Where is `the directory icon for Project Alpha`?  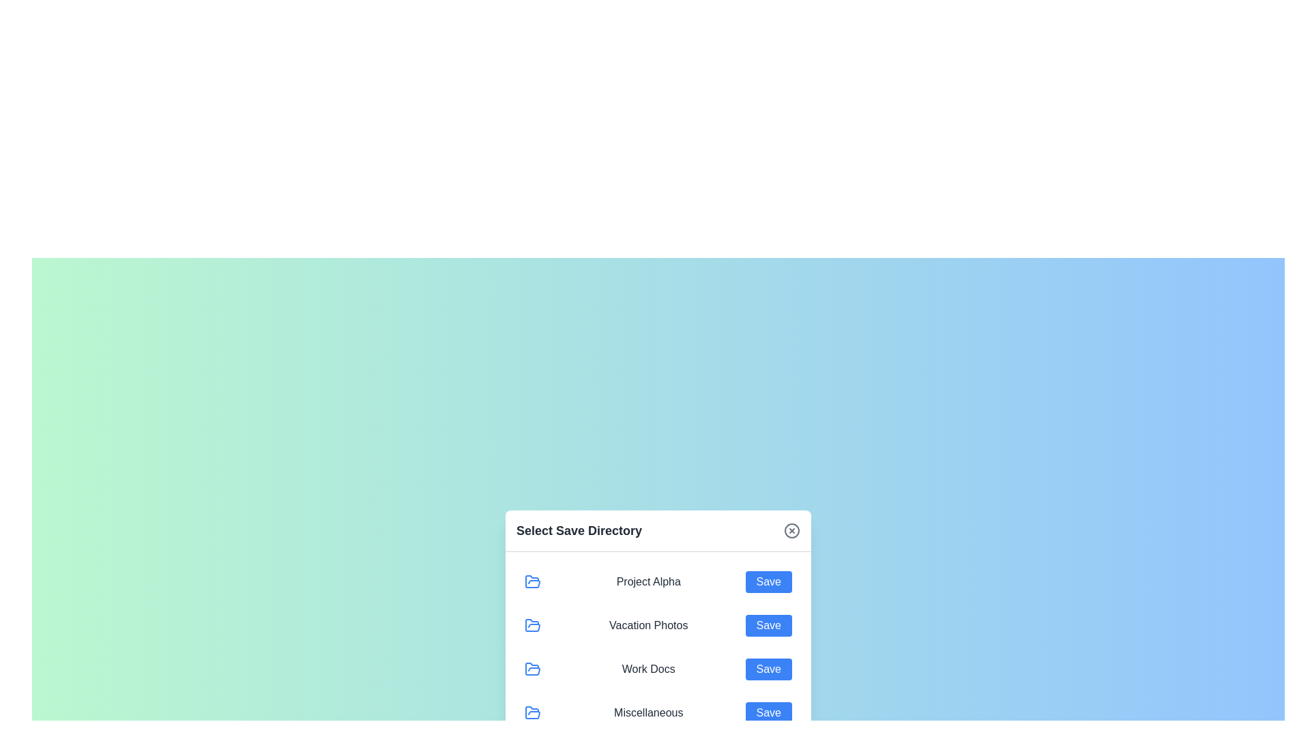
the directory icon for Project Alpha is located at coordinates (532, 581).